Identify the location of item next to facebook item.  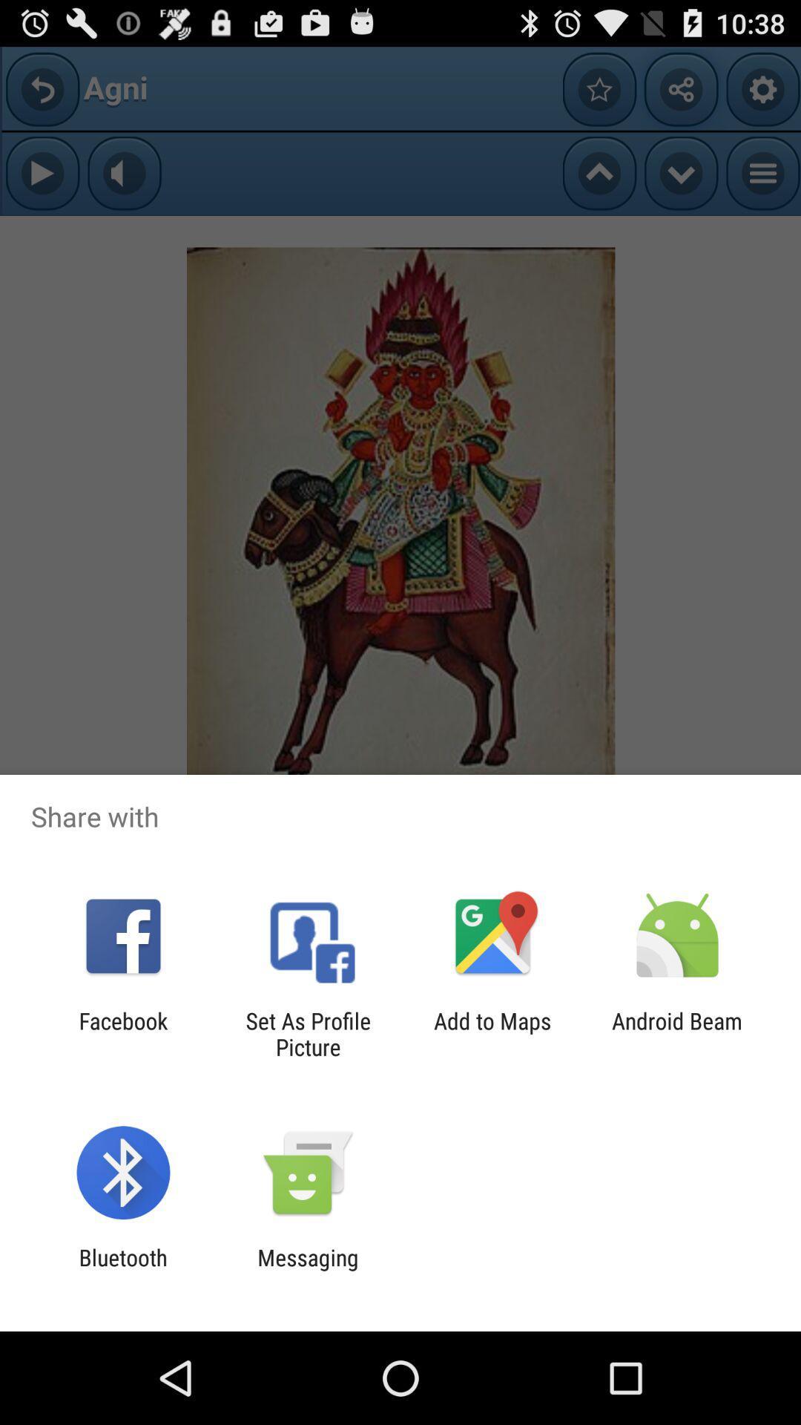
(307, 1033).